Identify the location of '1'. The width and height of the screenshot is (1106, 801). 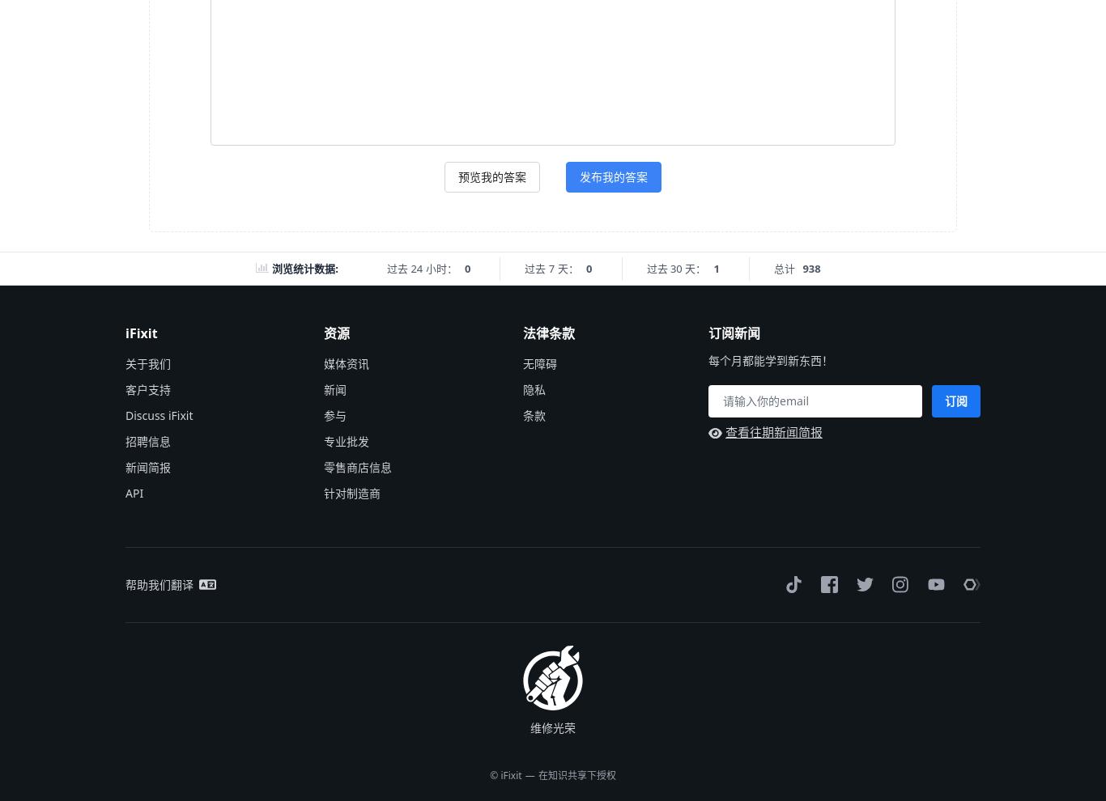
(715, 268).